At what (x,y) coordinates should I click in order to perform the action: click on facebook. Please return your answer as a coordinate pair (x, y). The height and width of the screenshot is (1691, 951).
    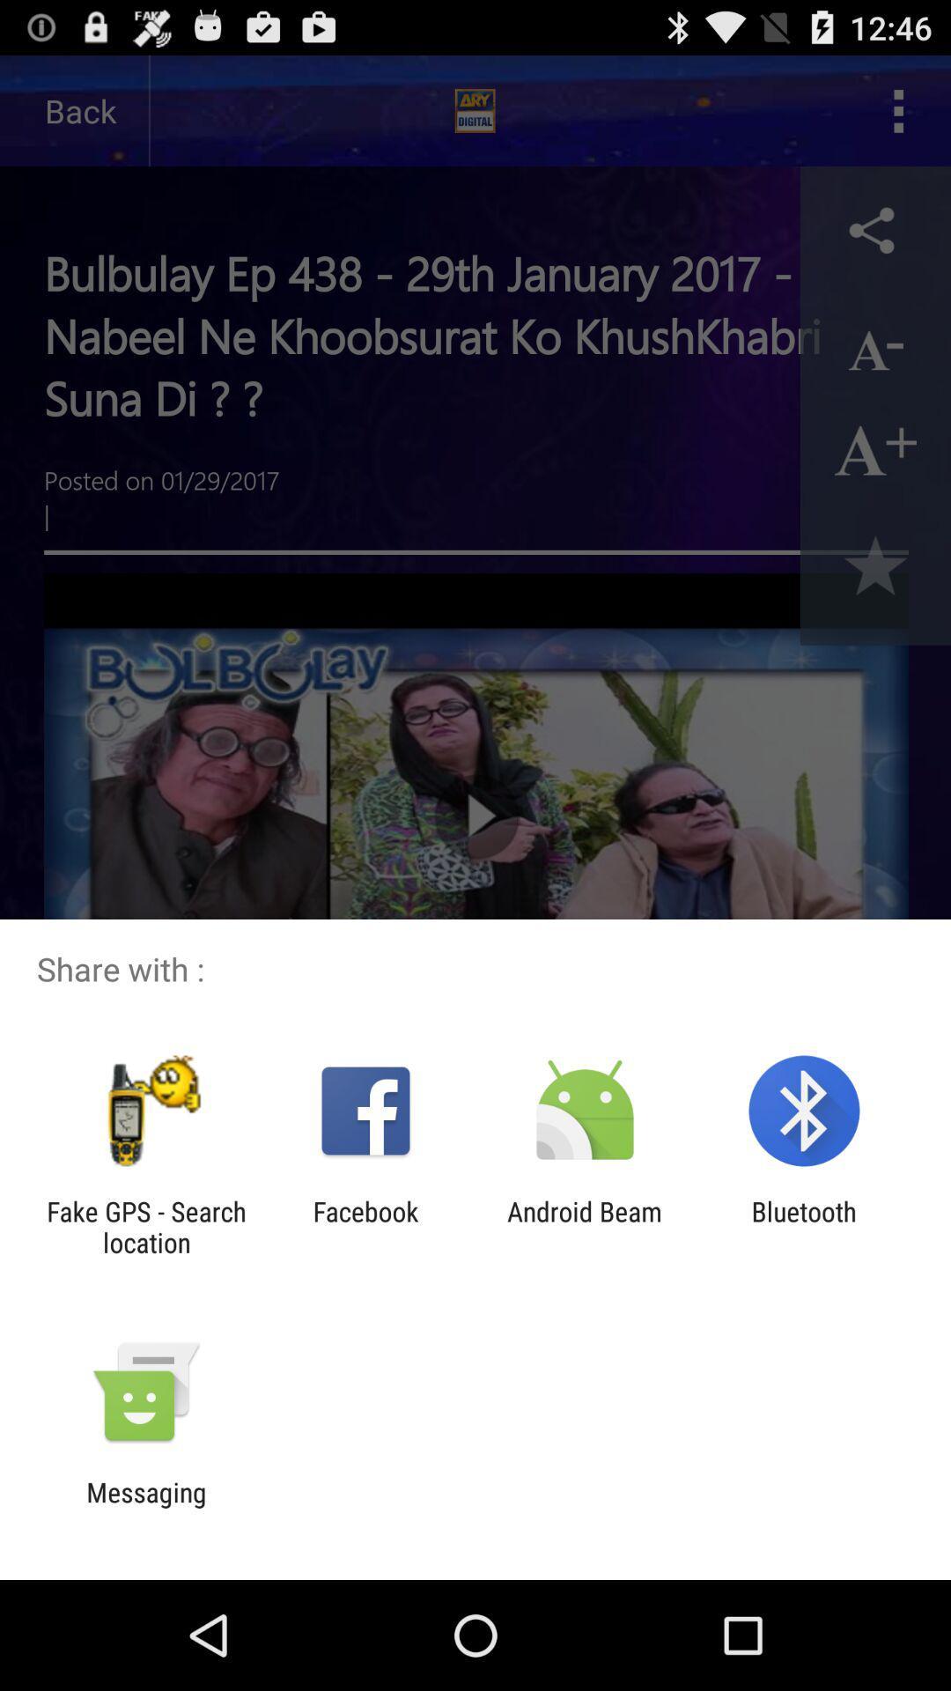
    Looking at the image, I should click on (365, 1226).